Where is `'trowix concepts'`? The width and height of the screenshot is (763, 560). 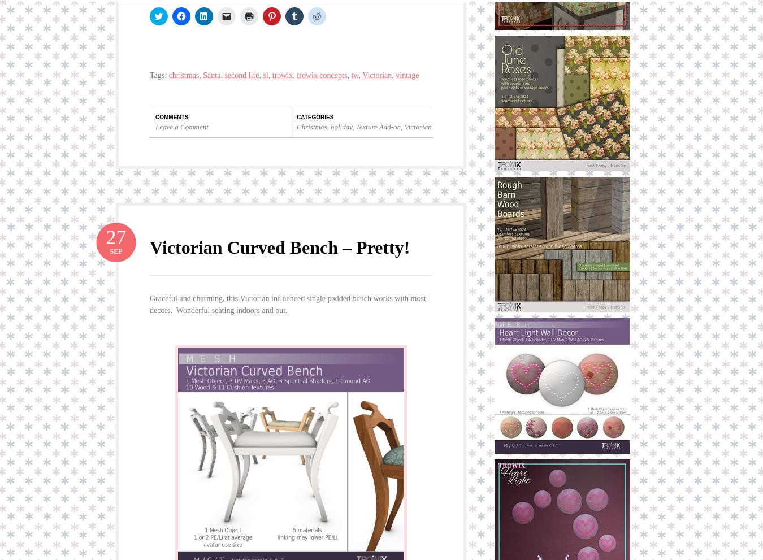
'trowix concepts' is located at coordinates (322, 75).